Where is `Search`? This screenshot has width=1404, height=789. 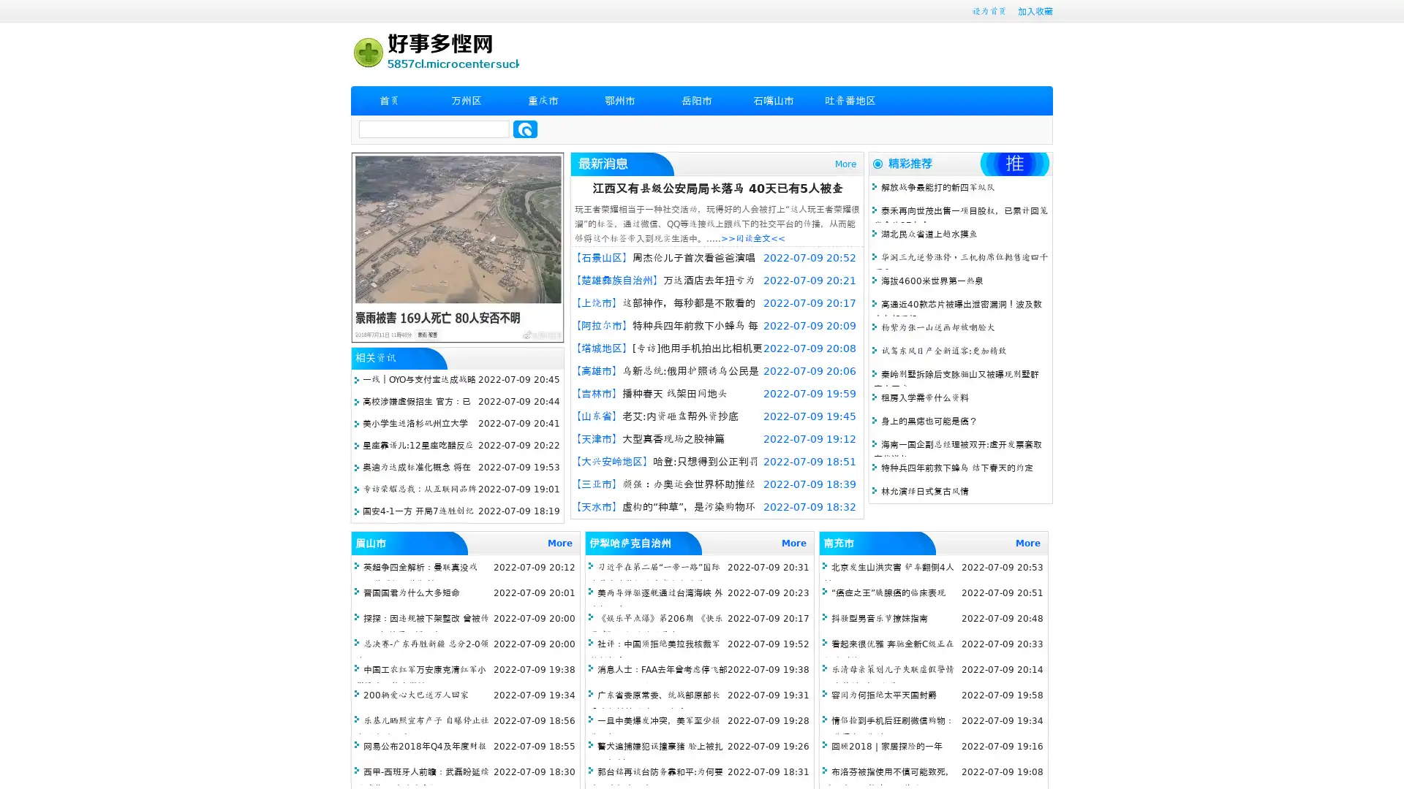 Search is located at coordinates (525, 129).